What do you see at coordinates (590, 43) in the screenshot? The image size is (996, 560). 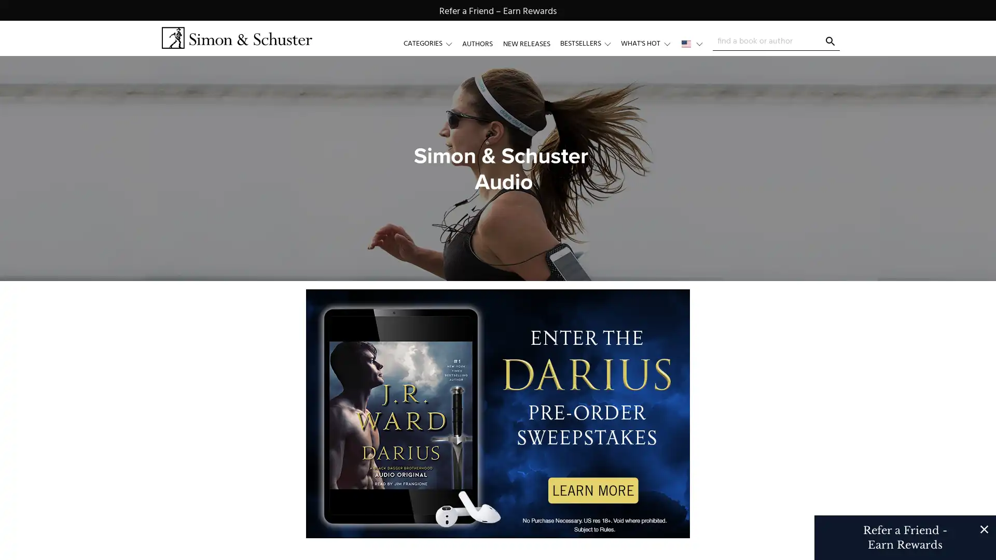 I see `BESTSELLERS` at bounding box center [590, 43].